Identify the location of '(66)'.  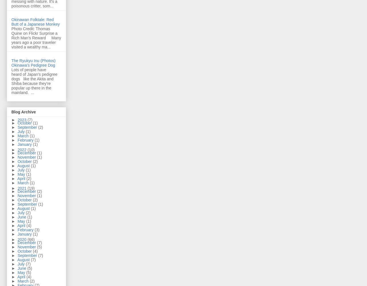
(27, 239).